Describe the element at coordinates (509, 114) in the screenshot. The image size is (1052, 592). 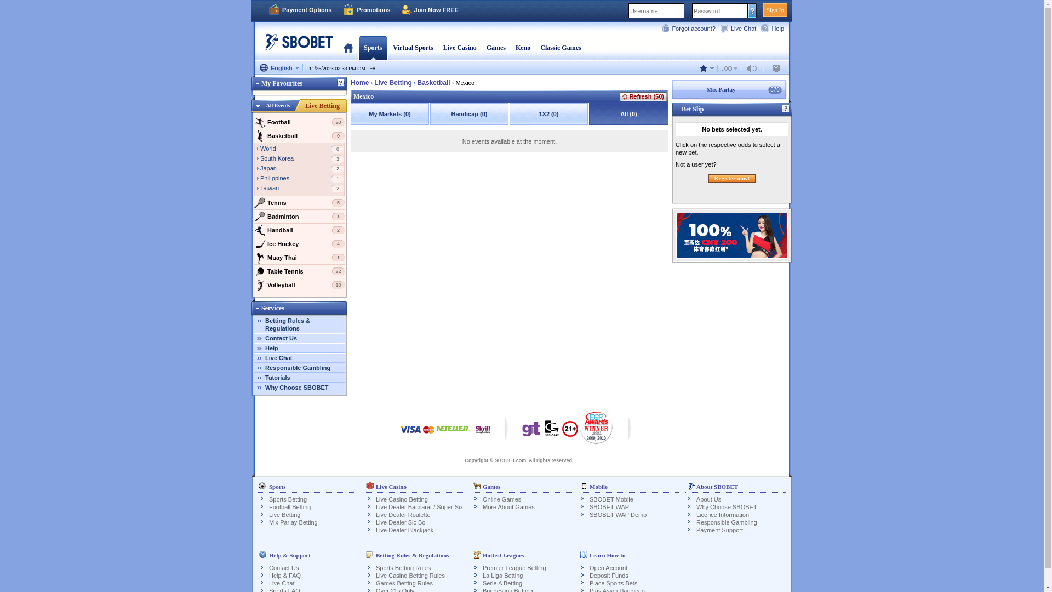
I see `'1X2 (0)'` at that location.